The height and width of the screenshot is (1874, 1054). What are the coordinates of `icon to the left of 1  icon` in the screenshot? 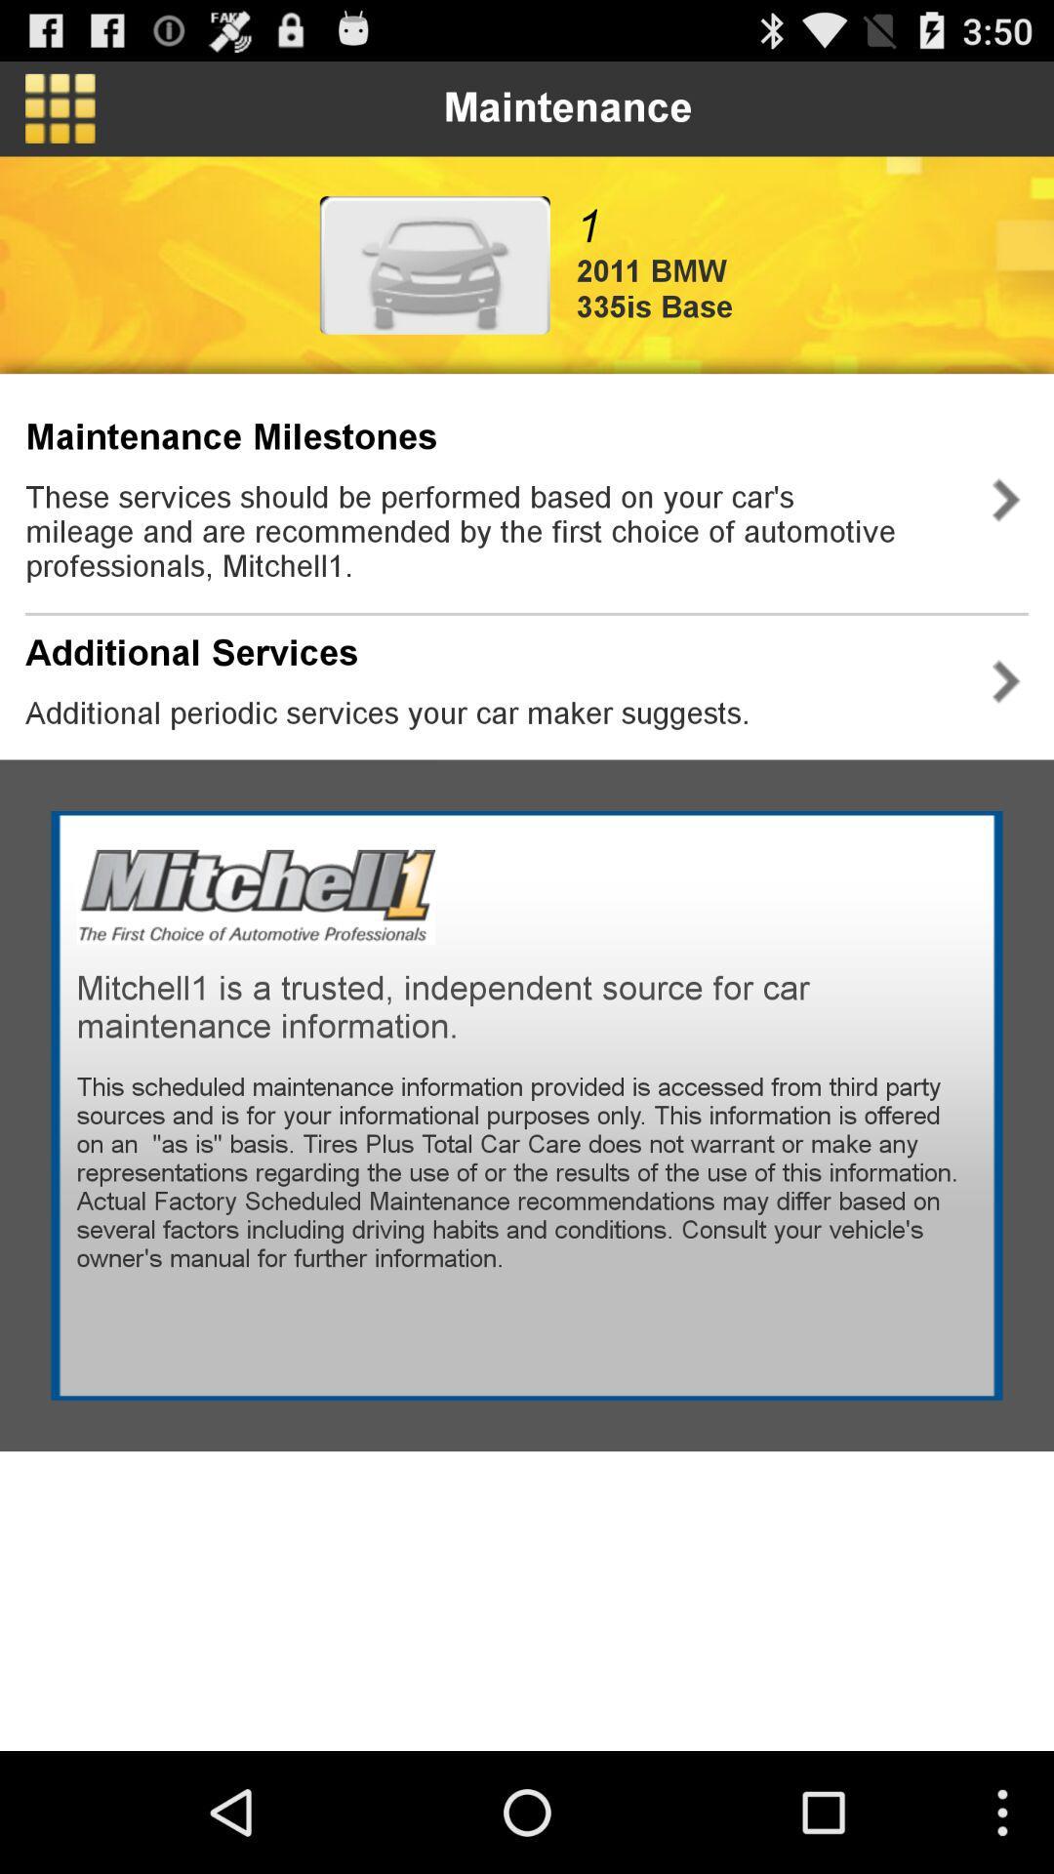 It's located at (433, 264).